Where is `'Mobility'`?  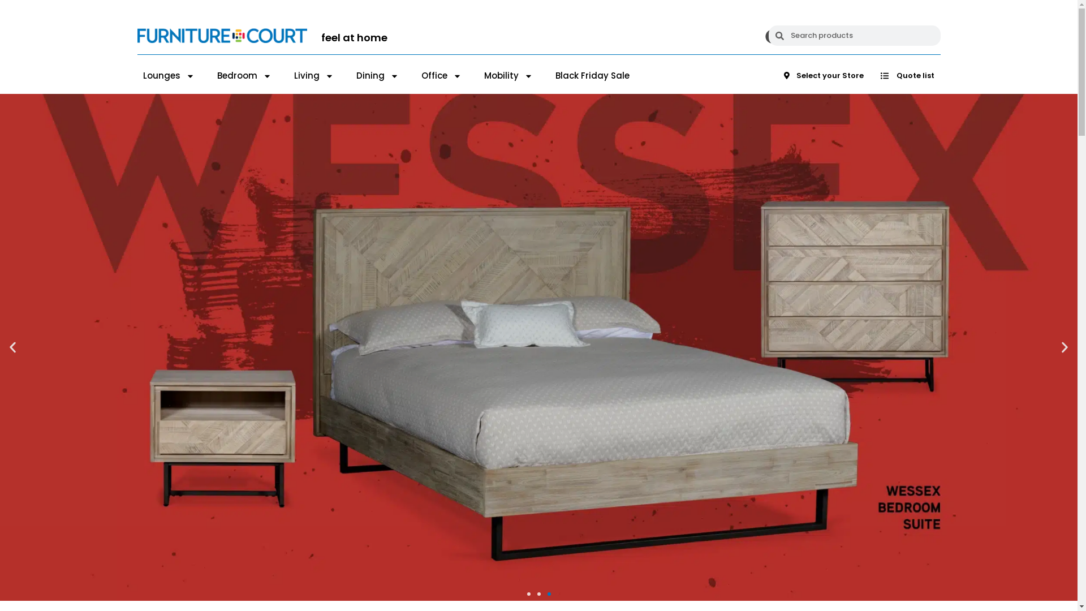 'Mobility' is located at coordinates (484, 76).